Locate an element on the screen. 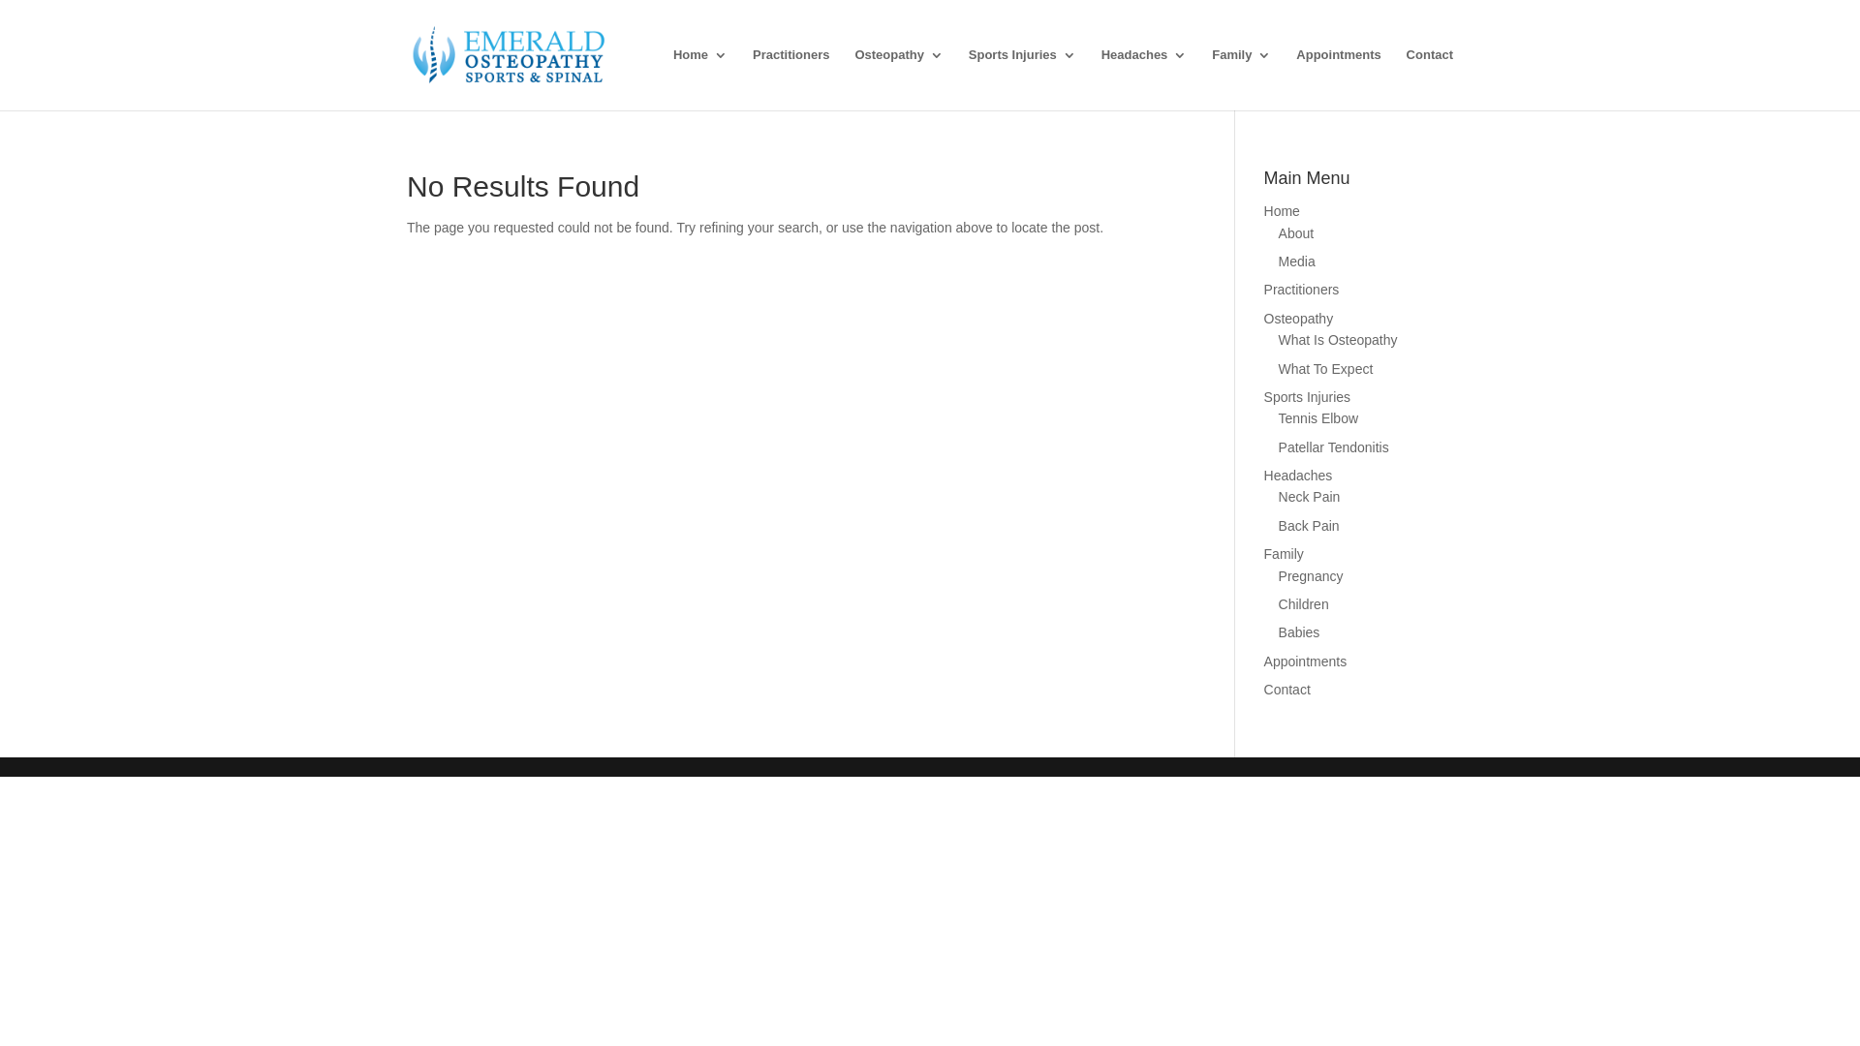  'Neck Pain' is located at coordinates (1310, 496).